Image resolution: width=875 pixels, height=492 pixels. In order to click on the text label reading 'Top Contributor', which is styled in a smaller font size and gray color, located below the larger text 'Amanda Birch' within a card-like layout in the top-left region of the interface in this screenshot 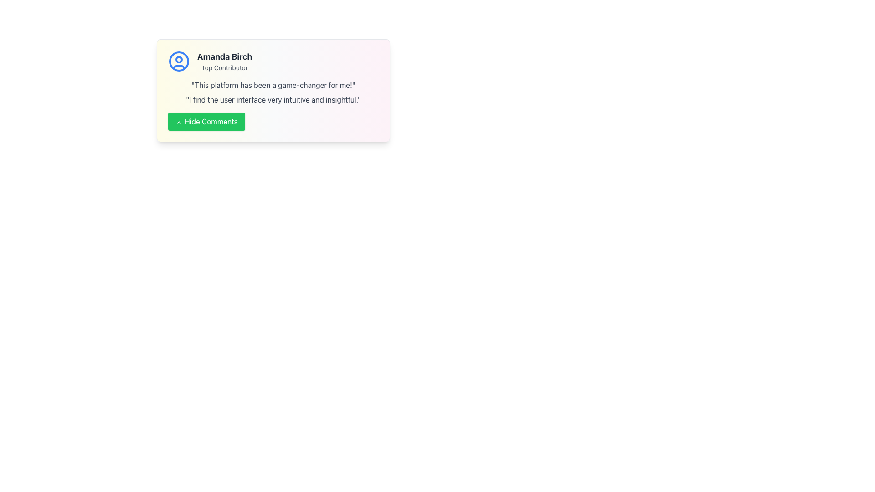, I will do `click(225, 67)`.